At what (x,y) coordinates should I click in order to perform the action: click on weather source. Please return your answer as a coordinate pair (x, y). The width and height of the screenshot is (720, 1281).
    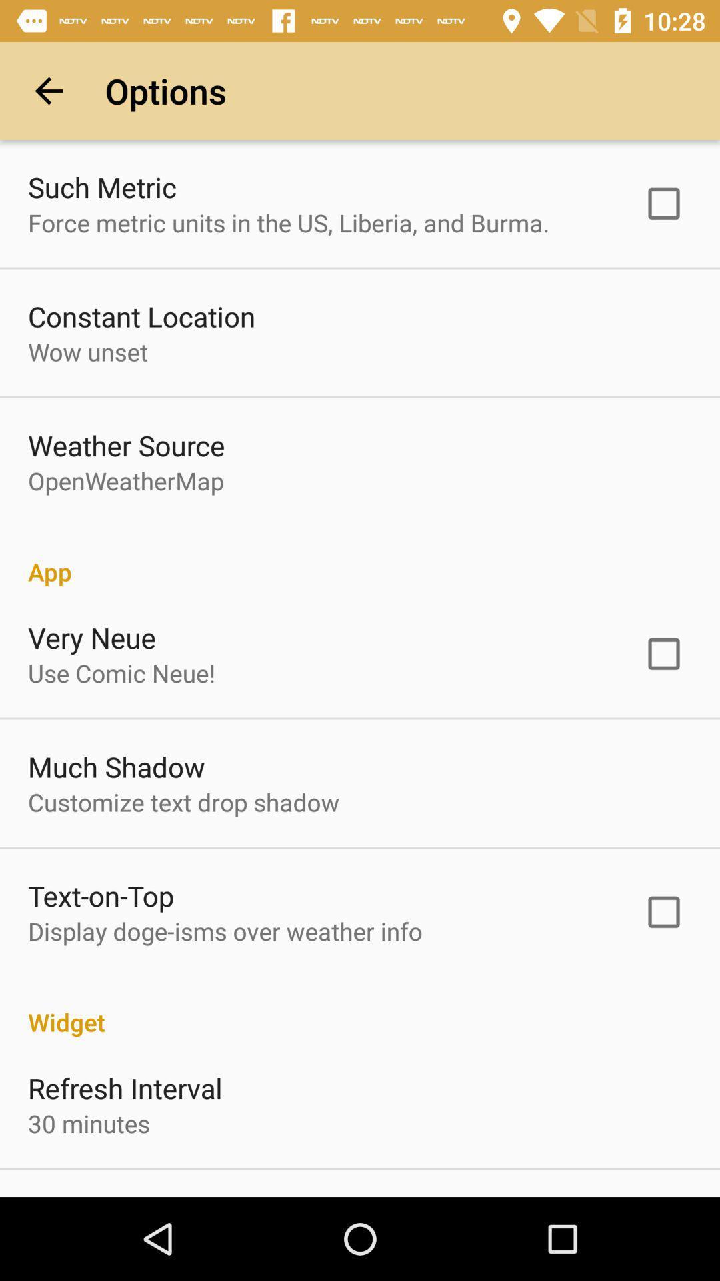
    Looking at the image, I should click on (126, 445).